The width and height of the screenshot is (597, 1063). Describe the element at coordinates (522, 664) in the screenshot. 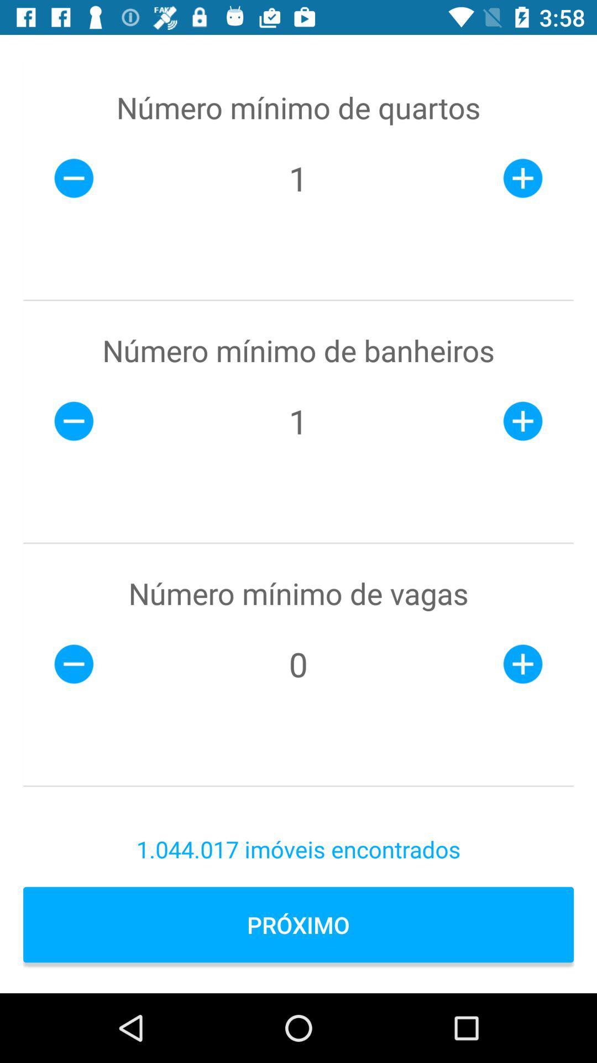

I see `the last  button which is right side of the page` at that location.